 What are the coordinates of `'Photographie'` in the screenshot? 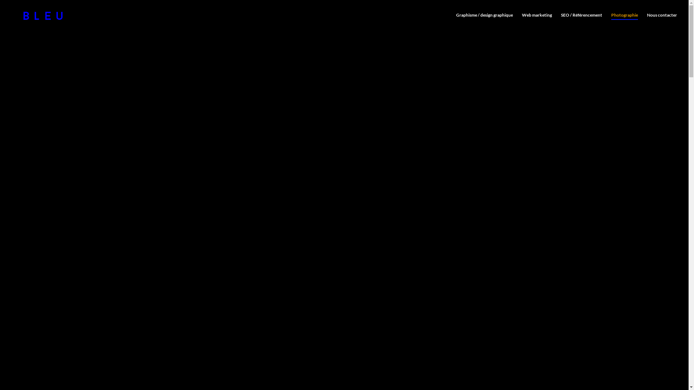 It's located at (624, 21).